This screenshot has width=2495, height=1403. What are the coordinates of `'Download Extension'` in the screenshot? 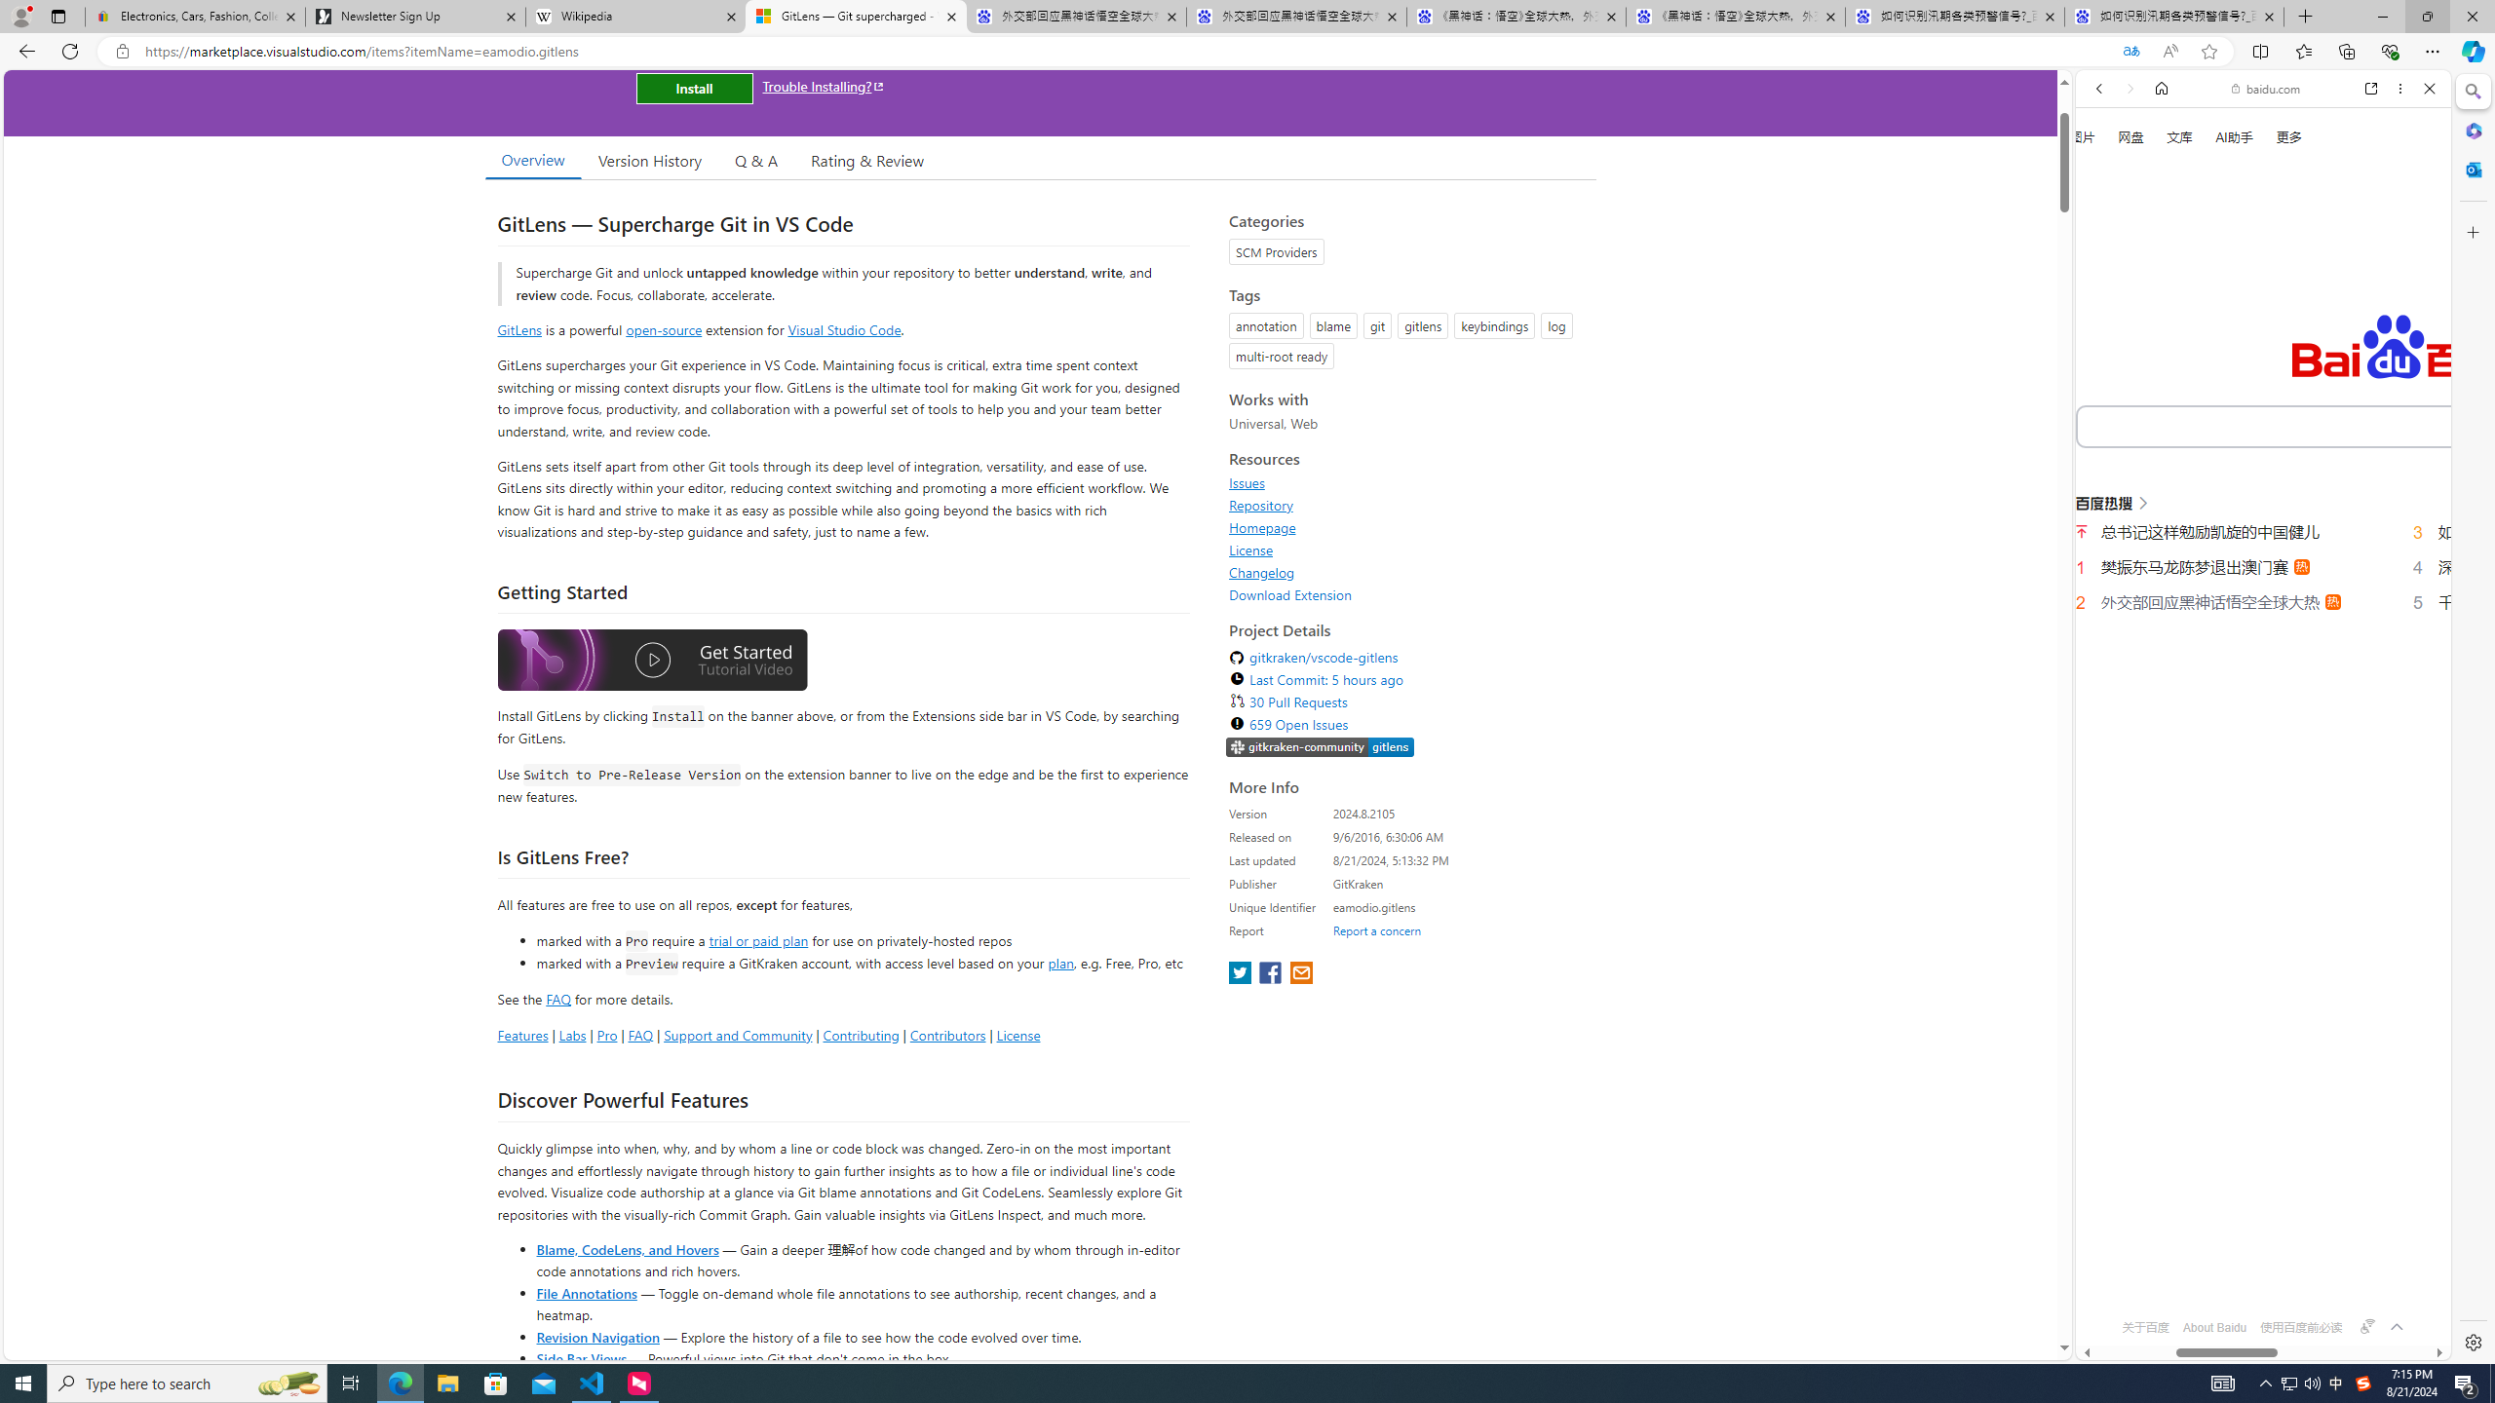 It's located at (1290, 593).